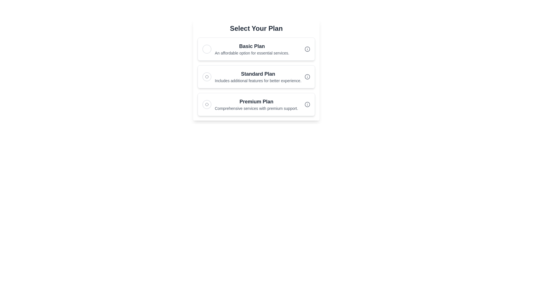 This screenshot has height=305, width=542. What do you see at coordinates (252, 49) in the screenshot?
I see `the 'Basic Plan' text label option, which is the first selectable choice in the list of plans, located below the heading 'Select Your Plan'` at bounding box center [252, 49].